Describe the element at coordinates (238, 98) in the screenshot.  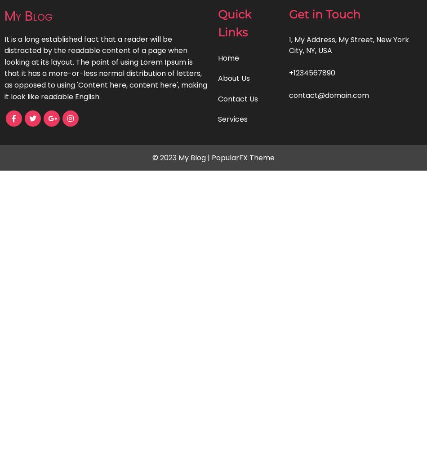
I see `'Contact Us'` at that location.